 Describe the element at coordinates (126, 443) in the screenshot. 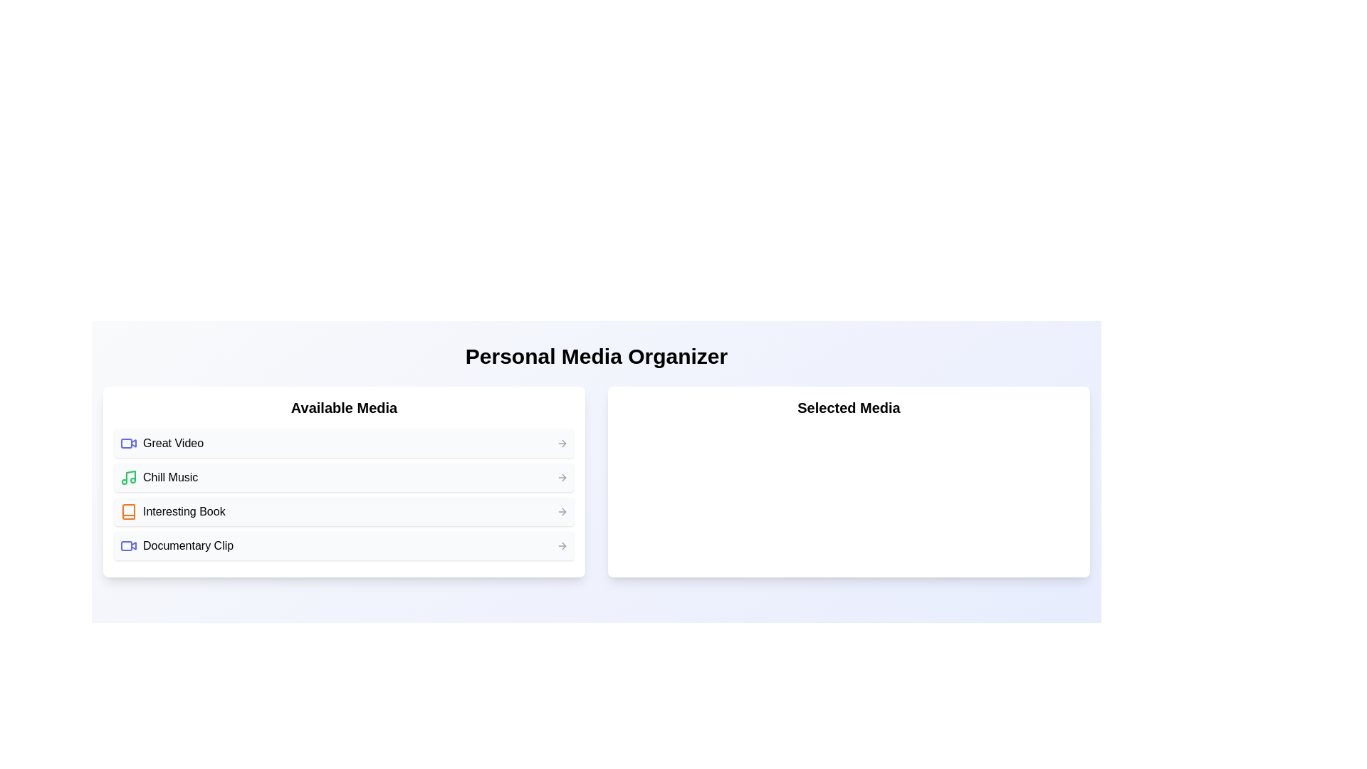

I see `the video camera icon in the media selection interface to observe the associated tooltip or label` at that location.